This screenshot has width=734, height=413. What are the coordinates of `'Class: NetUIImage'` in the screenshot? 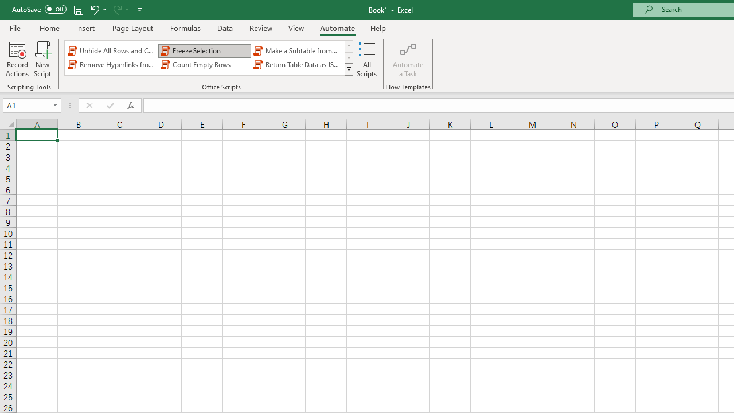 It's located at (349, 69).